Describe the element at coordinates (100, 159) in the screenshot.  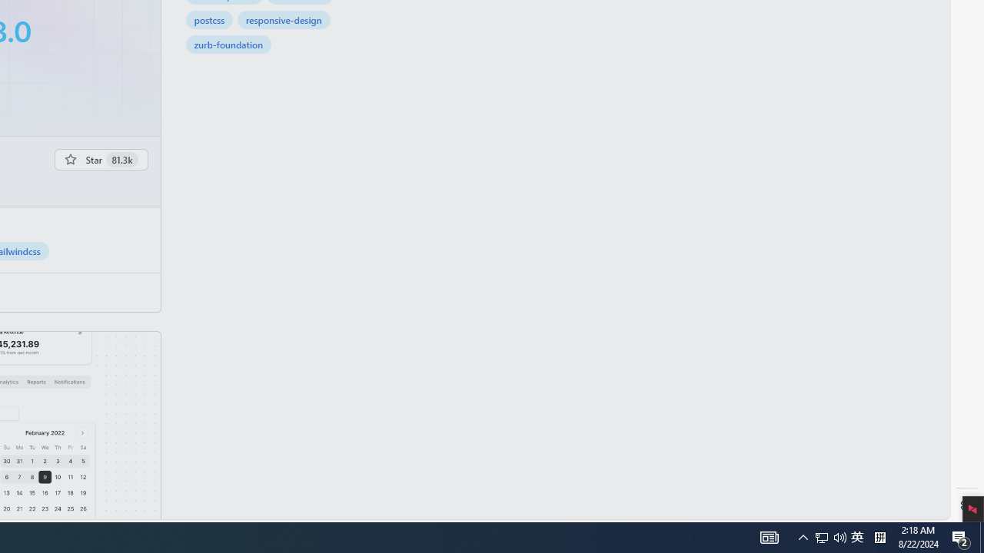
I see `'You must be signed in to star a repository'` at that location.